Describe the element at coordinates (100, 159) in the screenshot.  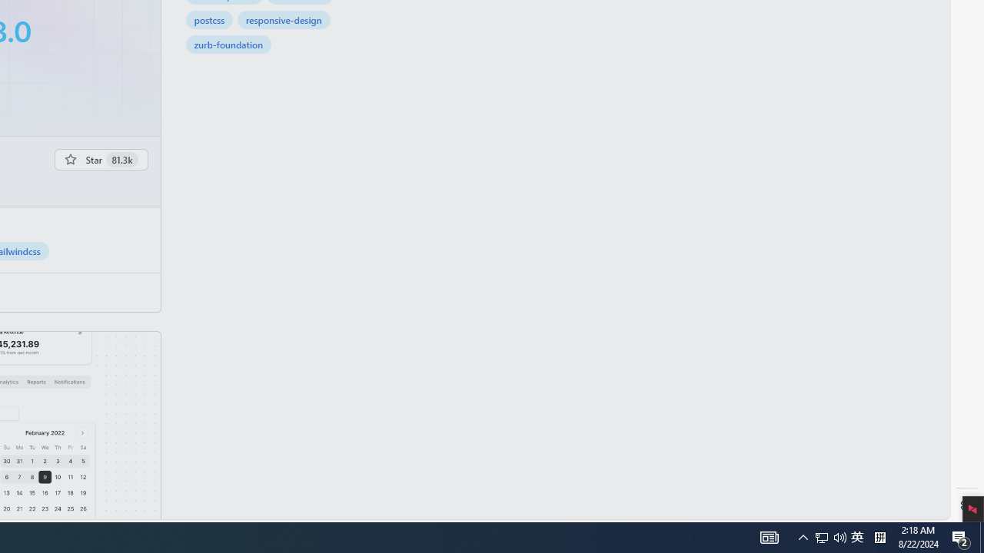
I see `'You must be signed in to star a repository'` at that location.